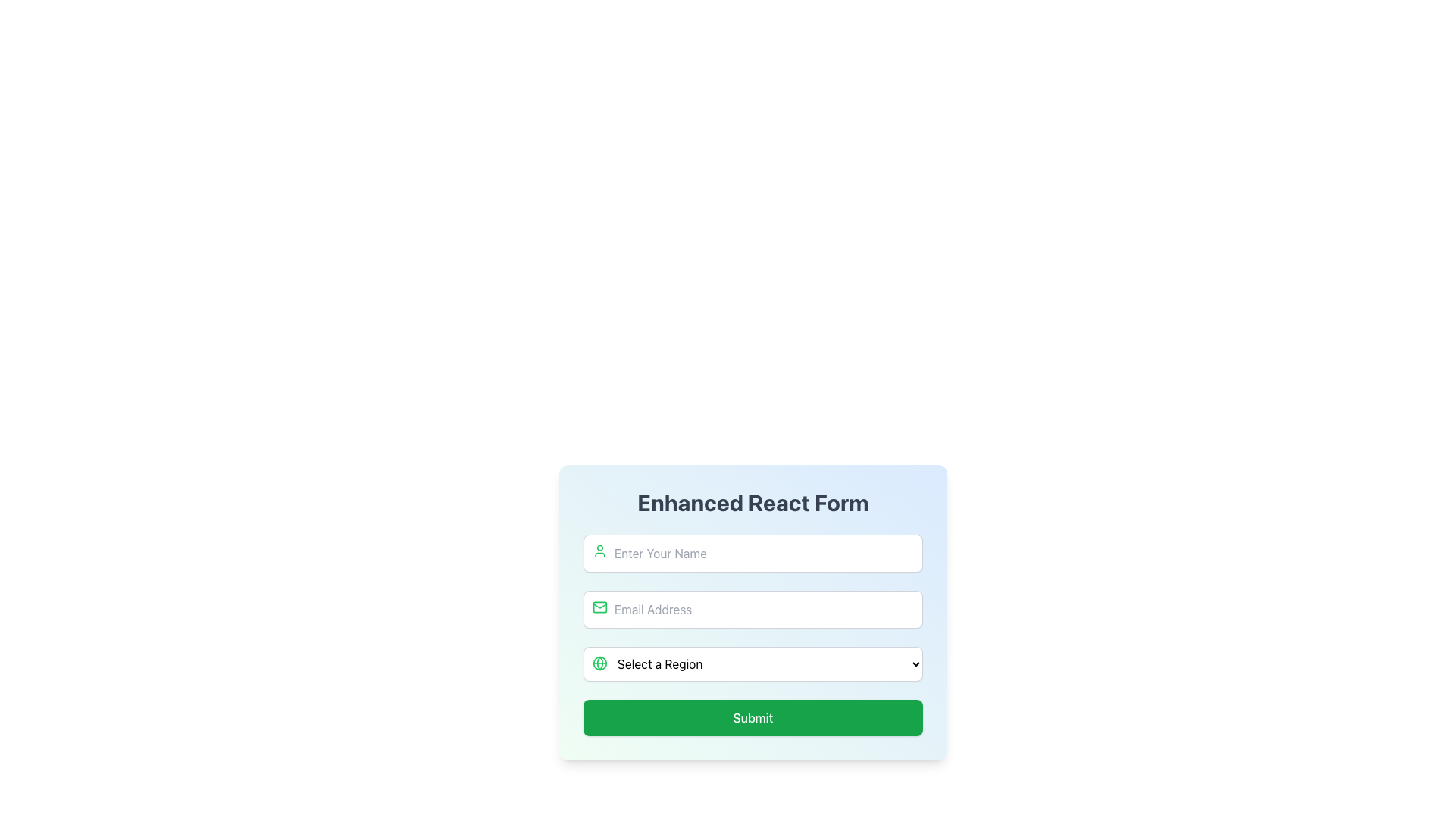 Image resolution: width=1455 pixels, height=818 pixels. Describe the element at coordinates (599, 551) in the screenshot. I see `the icon that indicates the input field for entering a user's name, located at the top left corner of the text input area labeled 'Enter Your Name'` at that location.